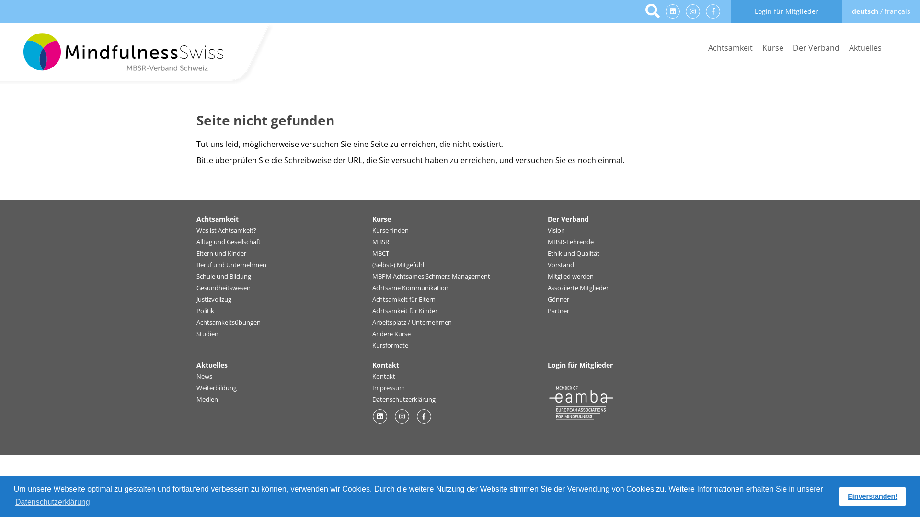 The height and width of the screenshot is (517, 920). Describe the element at coordinates (570, 241) in the screenshot. I see `'MBSR-Lehrende'` at that location.